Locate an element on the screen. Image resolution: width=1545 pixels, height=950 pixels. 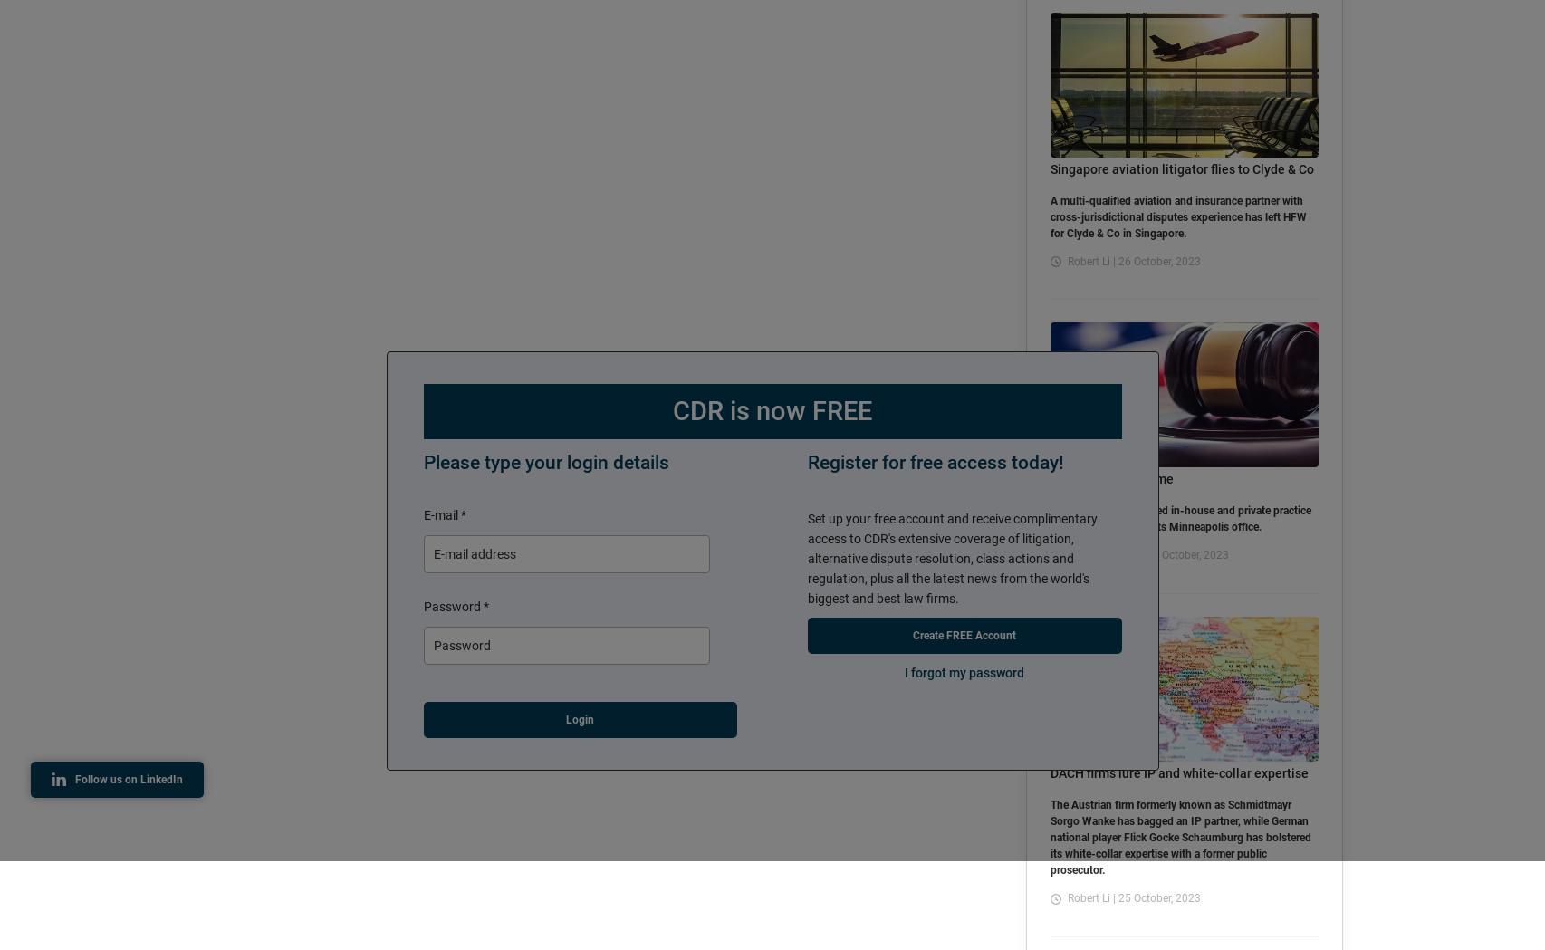
'The Austrian firm formerly known as Schmidtmayr Sorgo Wanke has bagged an IP partner, while German national player Flick Gocke Schaumburg has bolstered its white-collar expertise with a former public prosecutor.' is located at coordinates (1180, 837).